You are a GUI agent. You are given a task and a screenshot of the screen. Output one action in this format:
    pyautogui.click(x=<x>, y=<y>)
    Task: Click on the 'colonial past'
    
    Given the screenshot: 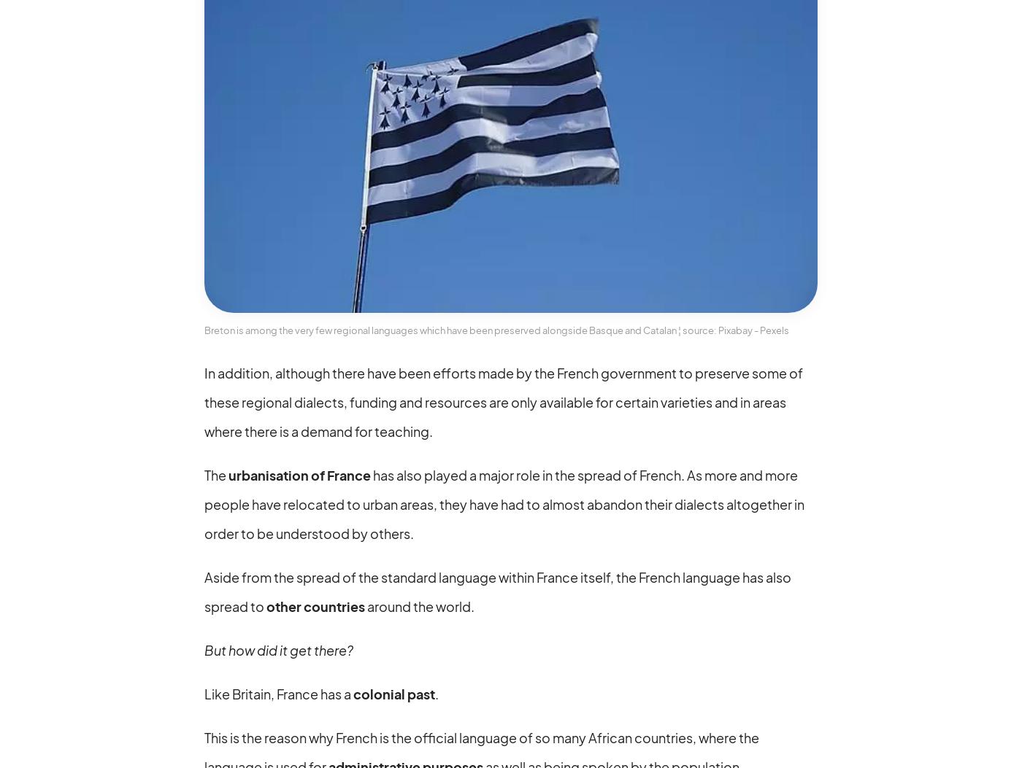 What is the action you would take?
    pyautogui.click(x=393, y=692)
    